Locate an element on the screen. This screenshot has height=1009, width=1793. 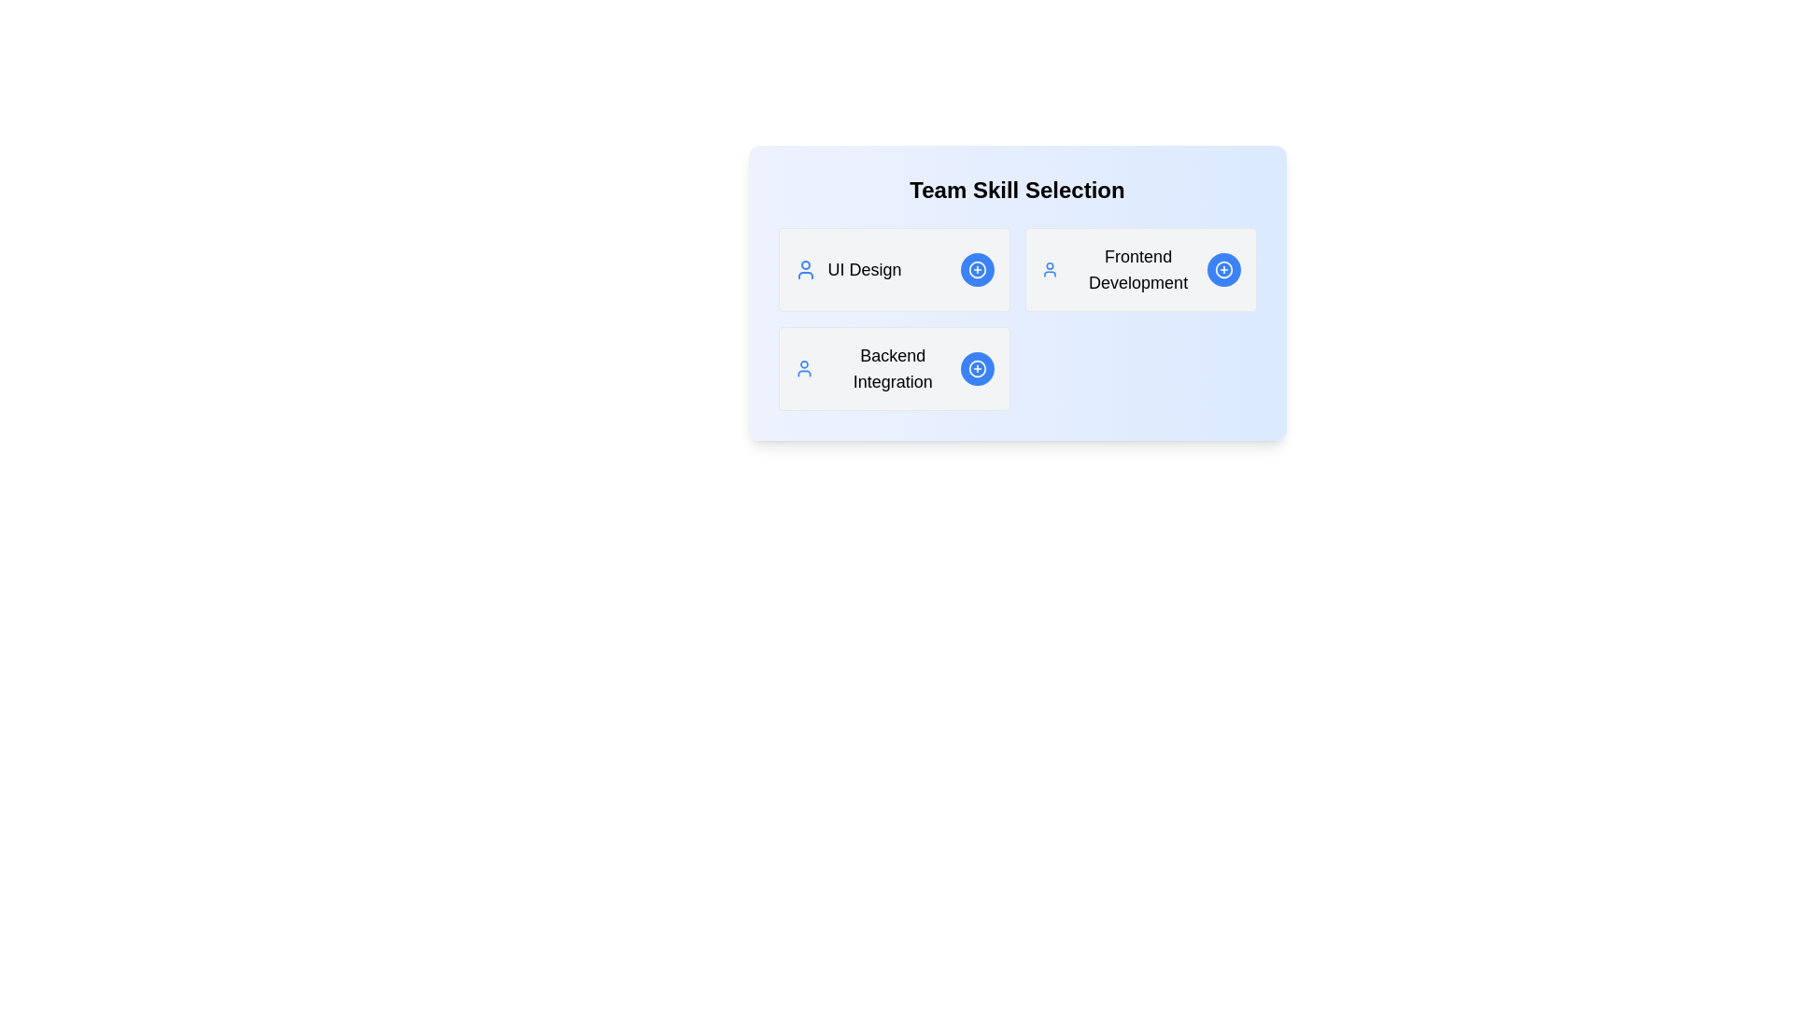
action button for the skill UI Design to toggle its assignment state is located at coordinates (976, 270).